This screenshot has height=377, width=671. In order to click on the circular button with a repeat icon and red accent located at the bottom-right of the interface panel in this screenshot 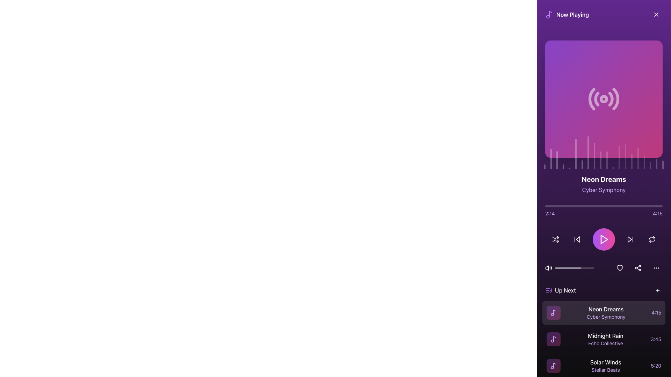, I will do `click(652, 239)`.